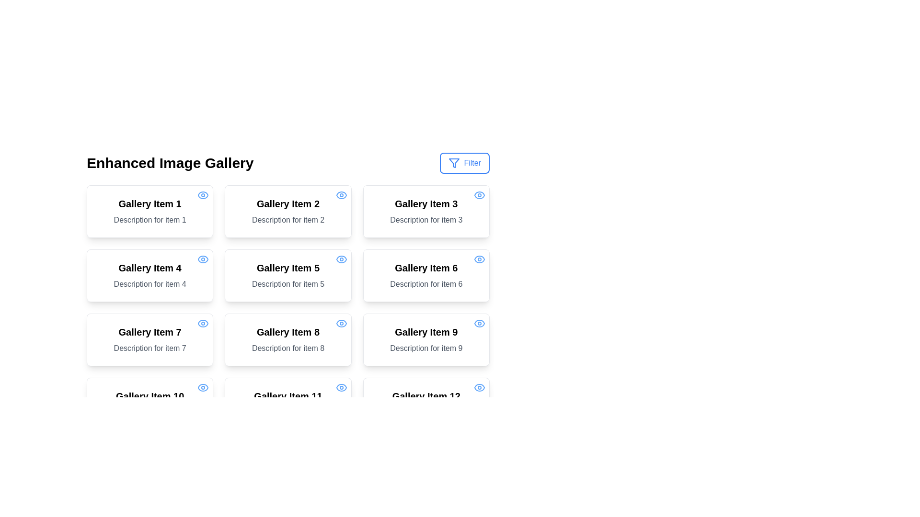  What do you see at coordinates (341, 259) in the screenshot?
I see `the blue eye icon located in the top-right corner of the 'Gallery Item 5' card` at bounding box center [341, 259].